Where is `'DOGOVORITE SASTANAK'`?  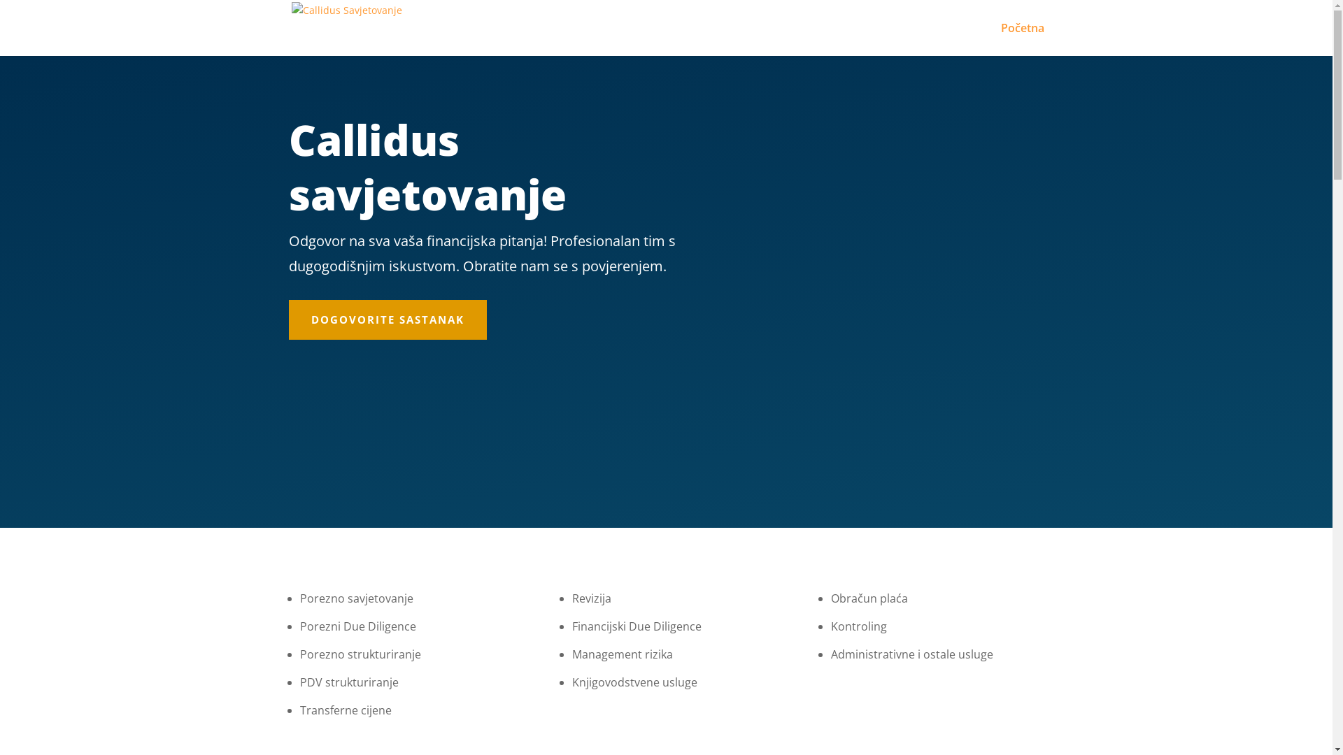 'DOGOVORITE SASTANAK' is located at coordinates (387, 320).